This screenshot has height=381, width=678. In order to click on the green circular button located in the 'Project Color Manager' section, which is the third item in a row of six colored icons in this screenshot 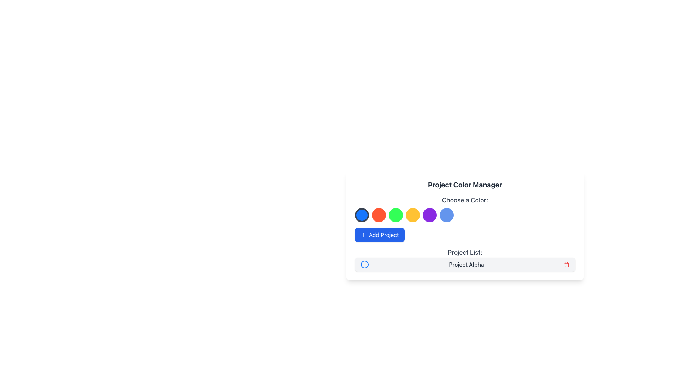, I will do `click(396, 214)`.